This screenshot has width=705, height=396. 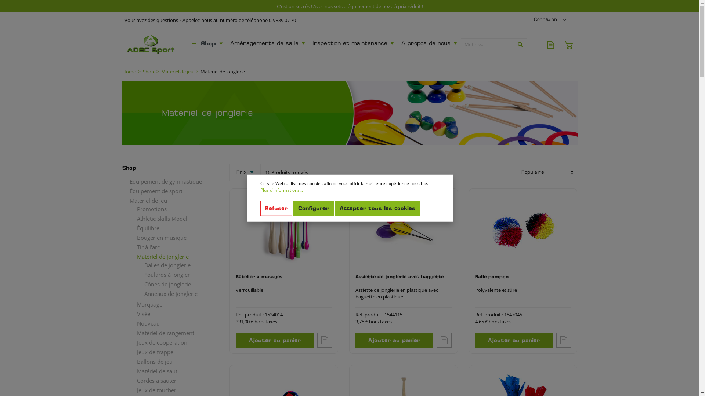 I want to click on 'Accepter tous les cookies', so click(x=335, y=208).